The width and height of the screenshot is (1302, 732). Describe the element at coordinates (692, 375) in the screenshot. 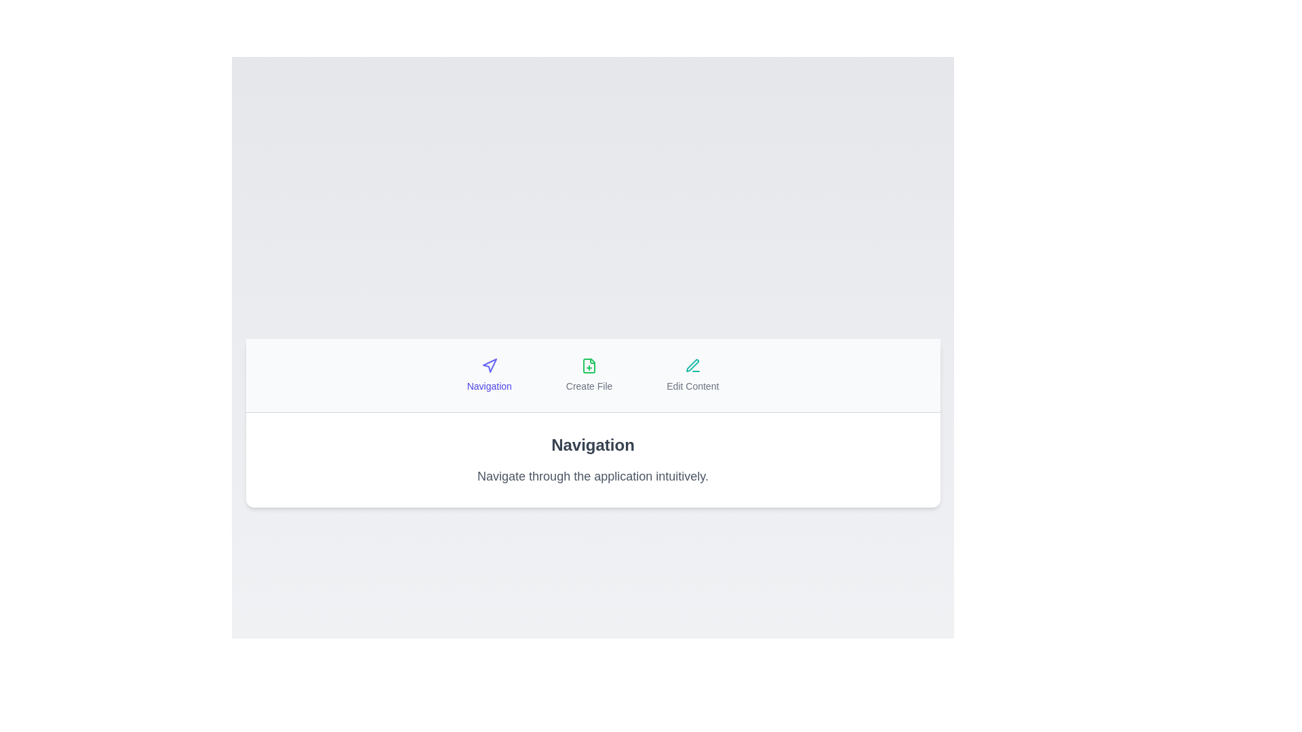

I see `the tab labeled Edit Content` at that location.